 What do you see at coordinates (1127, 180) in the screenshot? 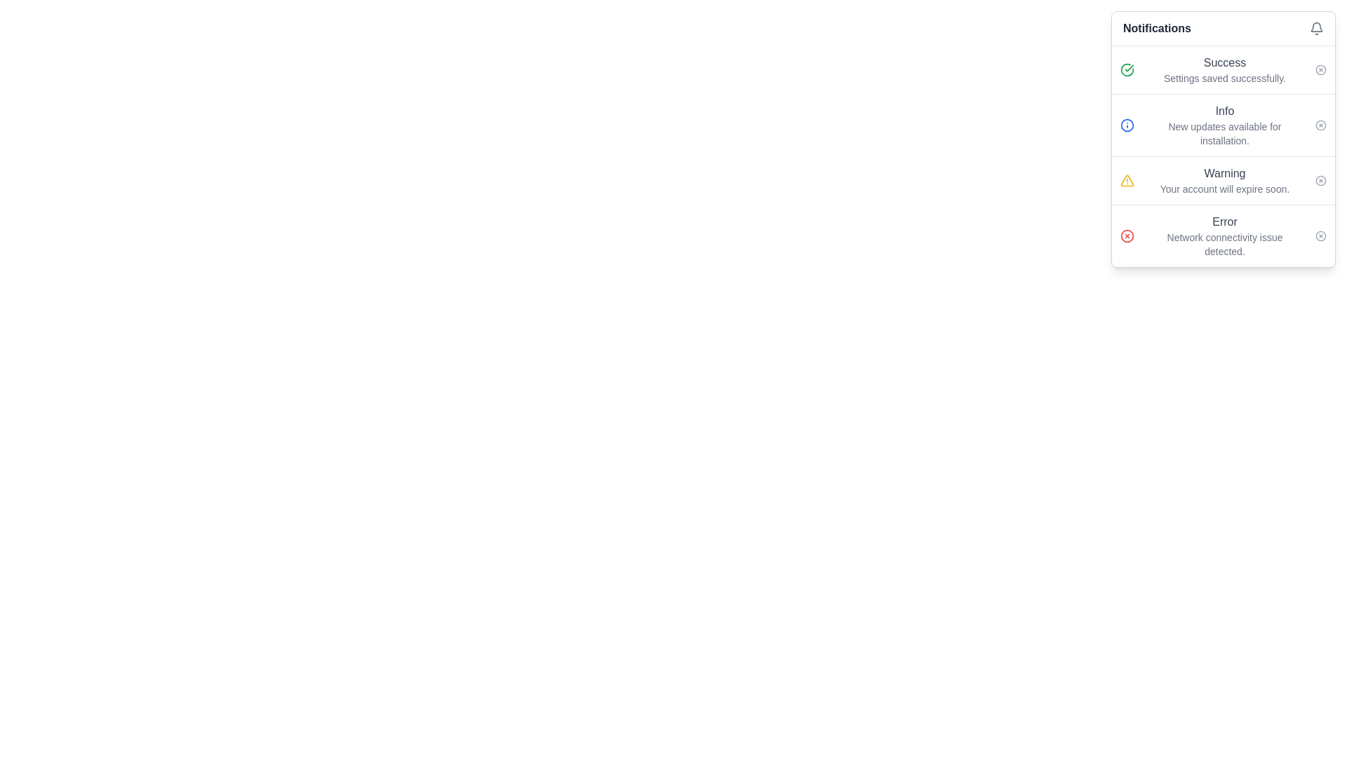
I see `the triangular warning icon with a yellow border and an exclamation mark, which is positioned beside the warning text 'Warning: Your account will expire soon.'` at bounding box center [1127, 180].